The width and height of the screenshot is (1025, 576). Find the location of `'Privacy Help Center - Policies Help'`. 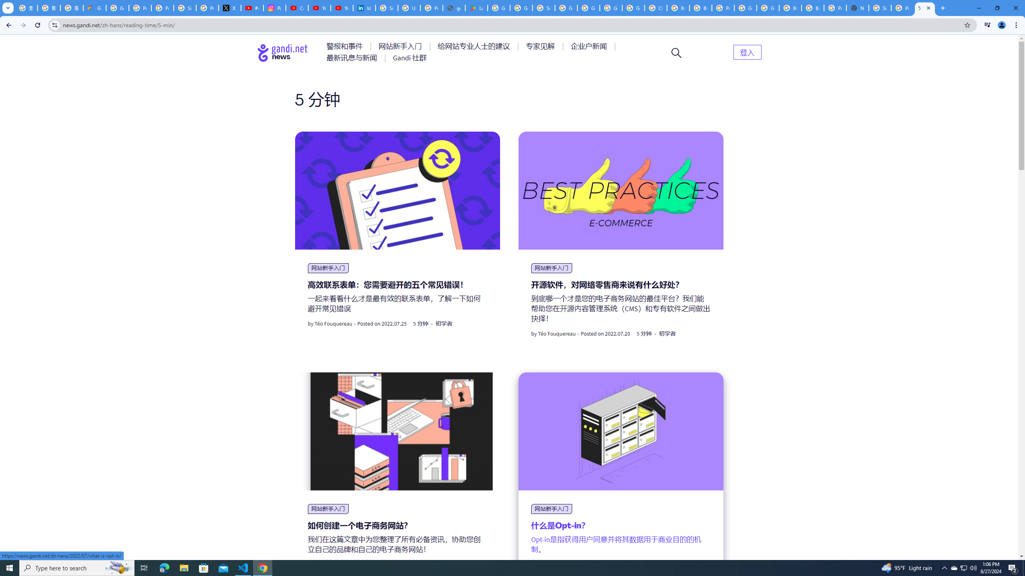

'Privacy Help Center - Policies Help' is located at coordinates (139, 8).